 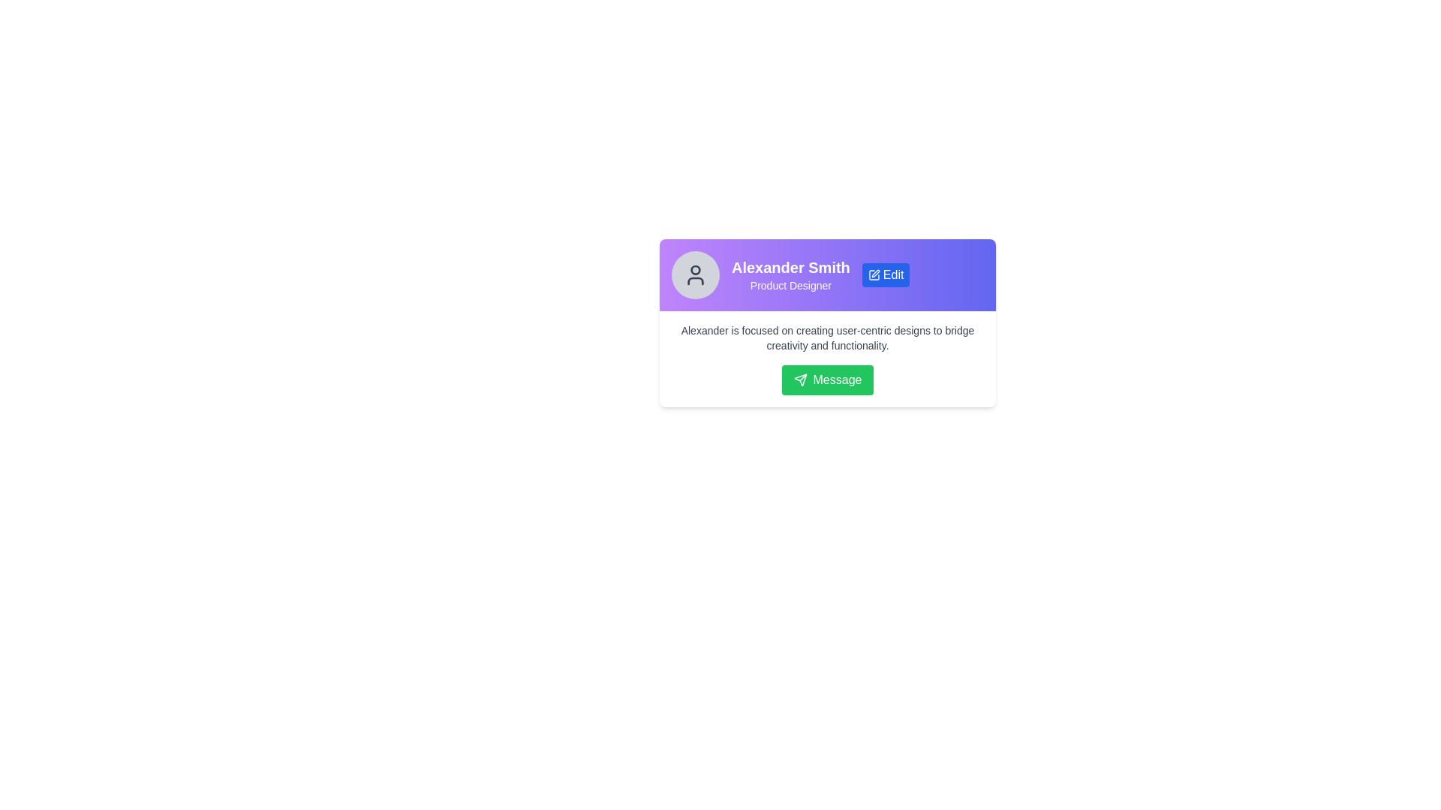 I want to click on the text label displaying information directly below the user's name 'Alexander Smith' and role 'Product Designer' within the styled card, so click(x=827, y=338).